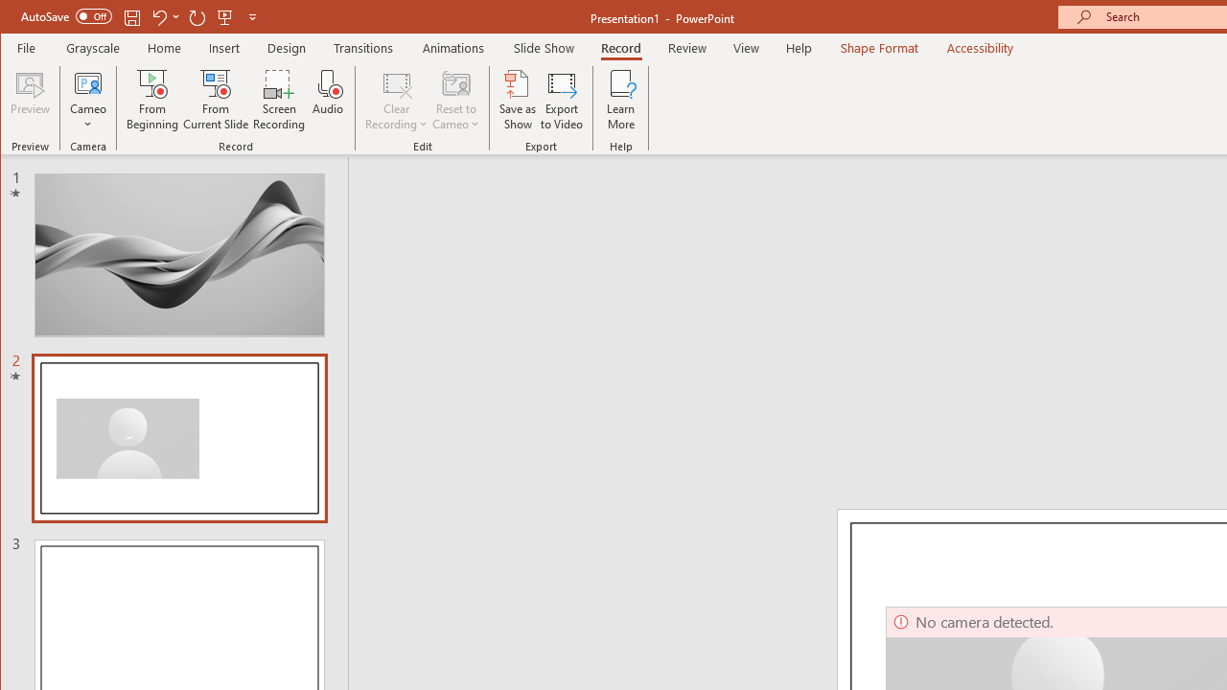  I want to click on 'Shape Format', so click(878, 47).